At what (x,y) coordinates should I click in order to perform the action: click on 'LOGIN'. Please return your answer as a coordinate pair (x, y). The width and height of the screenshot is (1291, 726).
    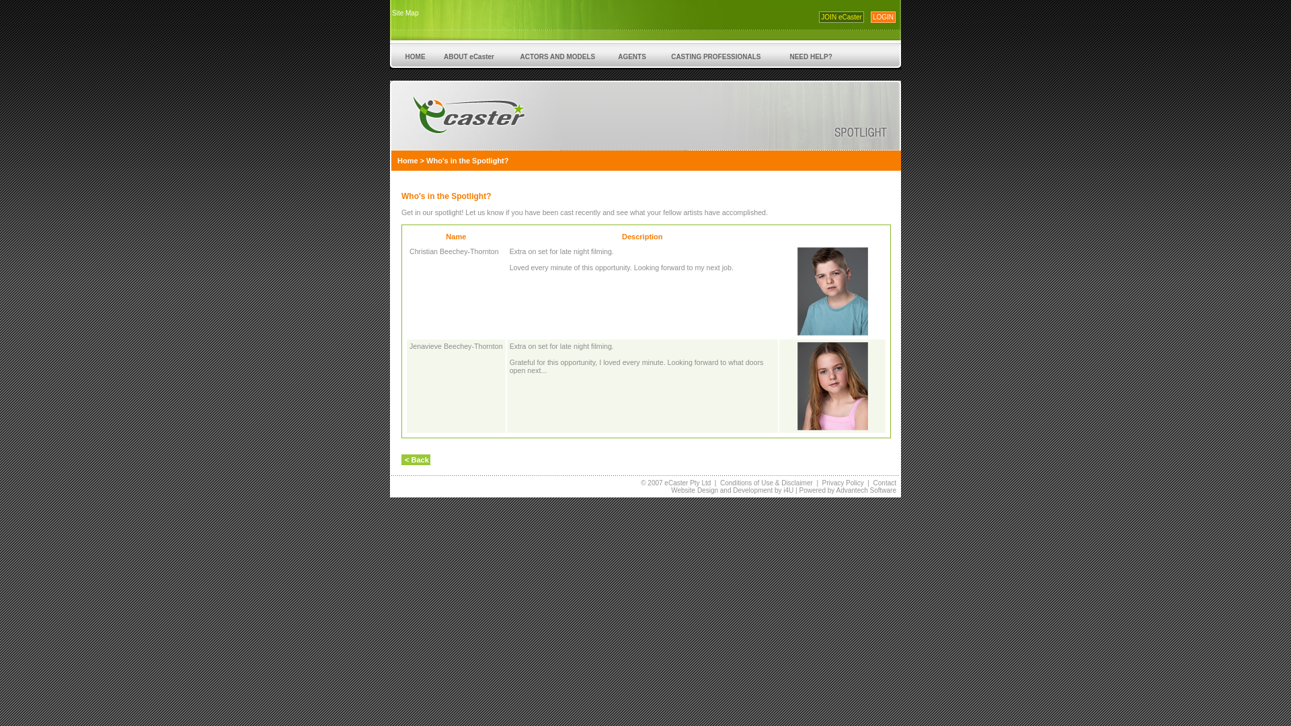
    Looking at the image, I should click on (871, 17).